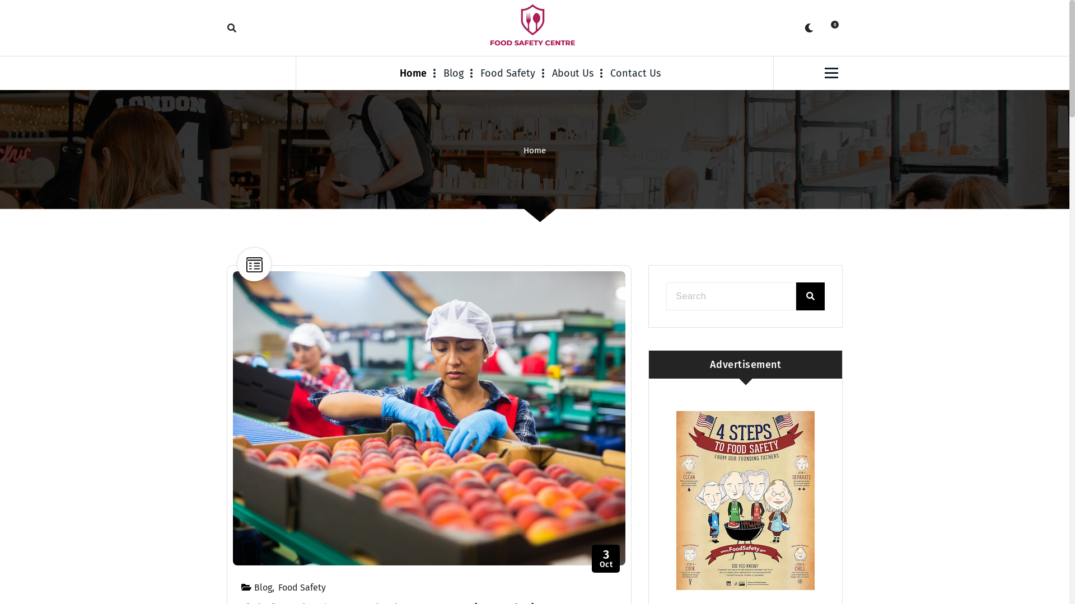 The height and width of the screenshot is (604, 1075). Describe the element at coordinates (400, 73) in the screenshot. I see `'Home'` at that location.